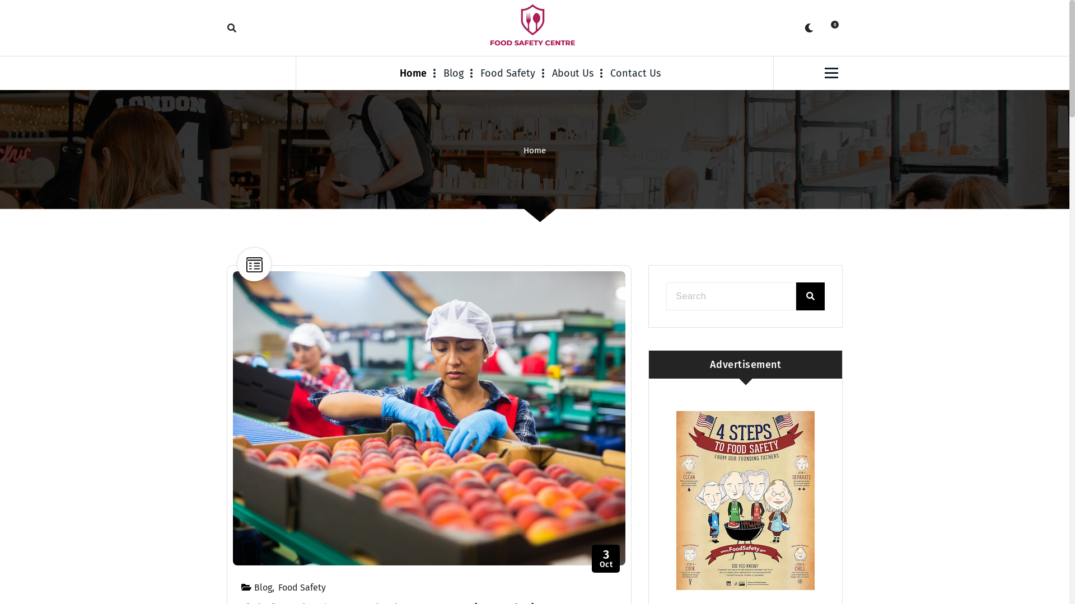 The height and width of the screenshot is (604, 1075). Describe the element at coordinates (400, 73) in the screenshot. I see `'Home'` at that location.